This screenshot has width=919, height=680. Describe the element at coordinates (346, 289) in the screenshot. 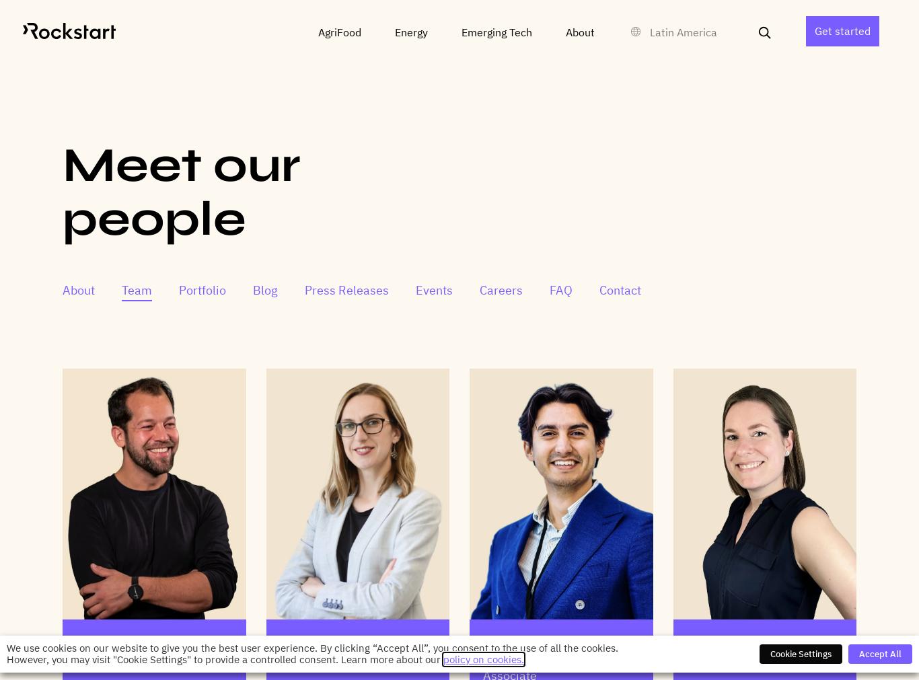

I see `'Press Releases'` at that location.